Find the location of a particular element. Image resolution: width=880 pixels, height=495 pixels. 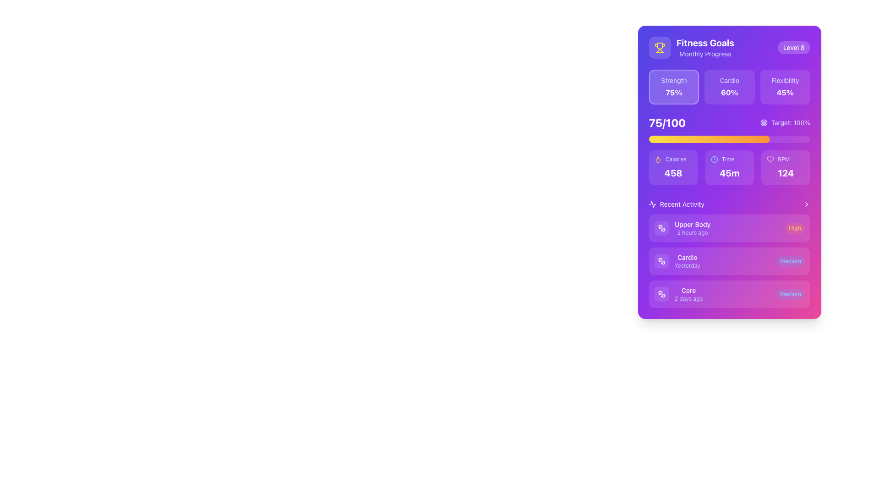

the 'Cardio' text label, which is displayed in white color on a purple background in the 'Recent Activity' section is located at coordinates (687, 258).